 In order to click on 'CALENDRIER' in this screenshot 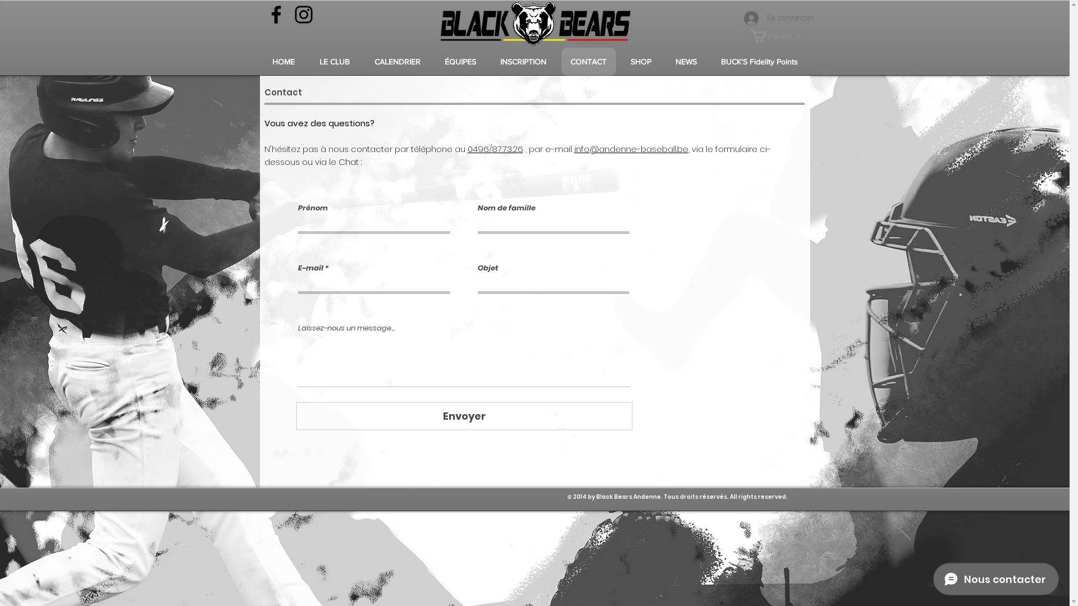, I will do `click(398, 62)`.